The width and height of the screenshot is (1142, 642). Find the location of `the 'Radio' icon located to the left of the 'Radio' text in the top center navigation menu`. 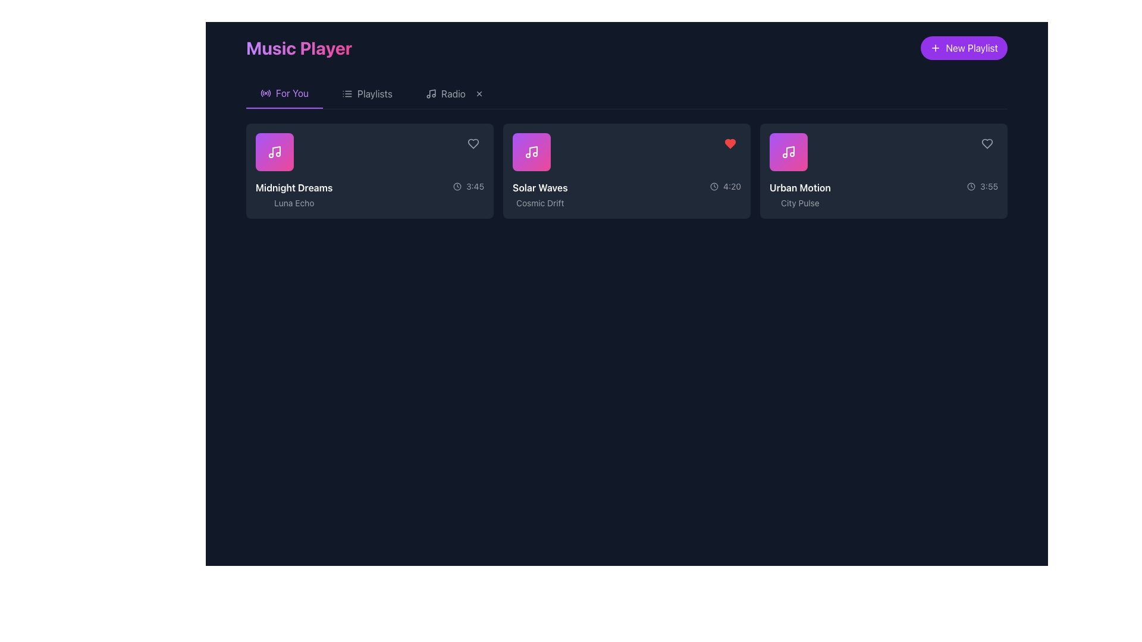

the 'Radio' icon located to the left of the 'Radio' text in the top center navigation menu is located at coordinates (430, 93).